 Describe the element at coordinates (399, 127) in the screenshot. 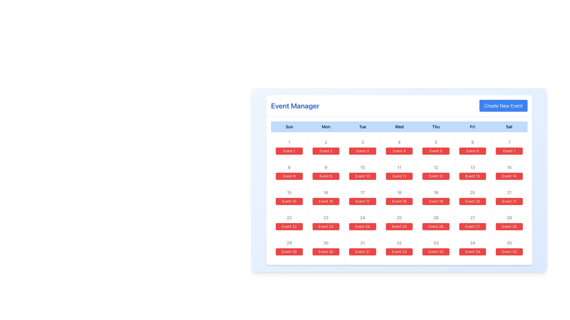

I see `the static text label displaying 'Wed' in black text, which is centered within a light blue rectangular background, located in the header row of a calendar layout` at that location.